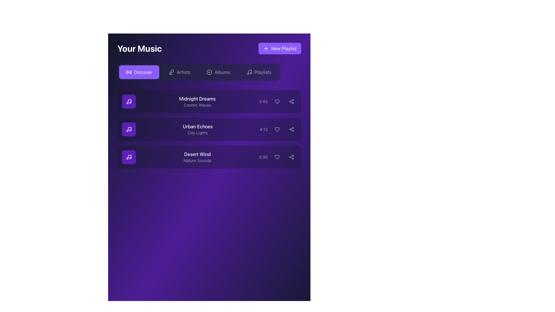  I want to click on the track title of the second item in the music playlist, which is represented by a grid layout with a violet background and includes metadata such as a track title and duration, so click(209, 129).